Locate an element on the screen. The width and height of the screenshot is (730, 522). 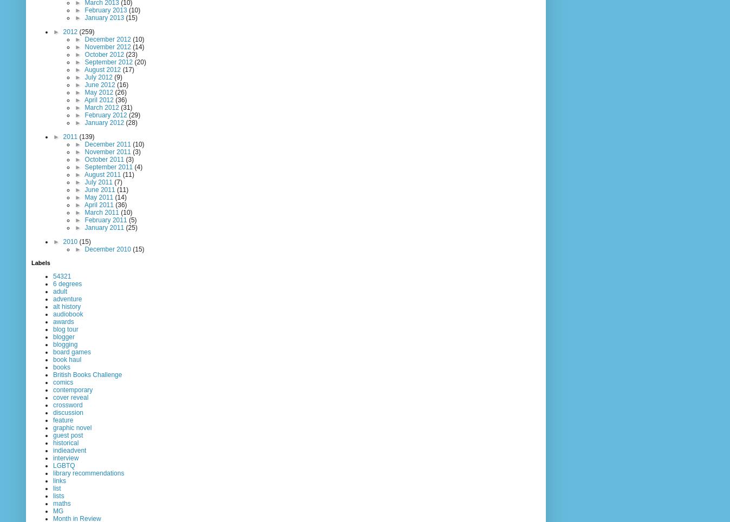
'November 2012' is located at coordinates (108, 47).